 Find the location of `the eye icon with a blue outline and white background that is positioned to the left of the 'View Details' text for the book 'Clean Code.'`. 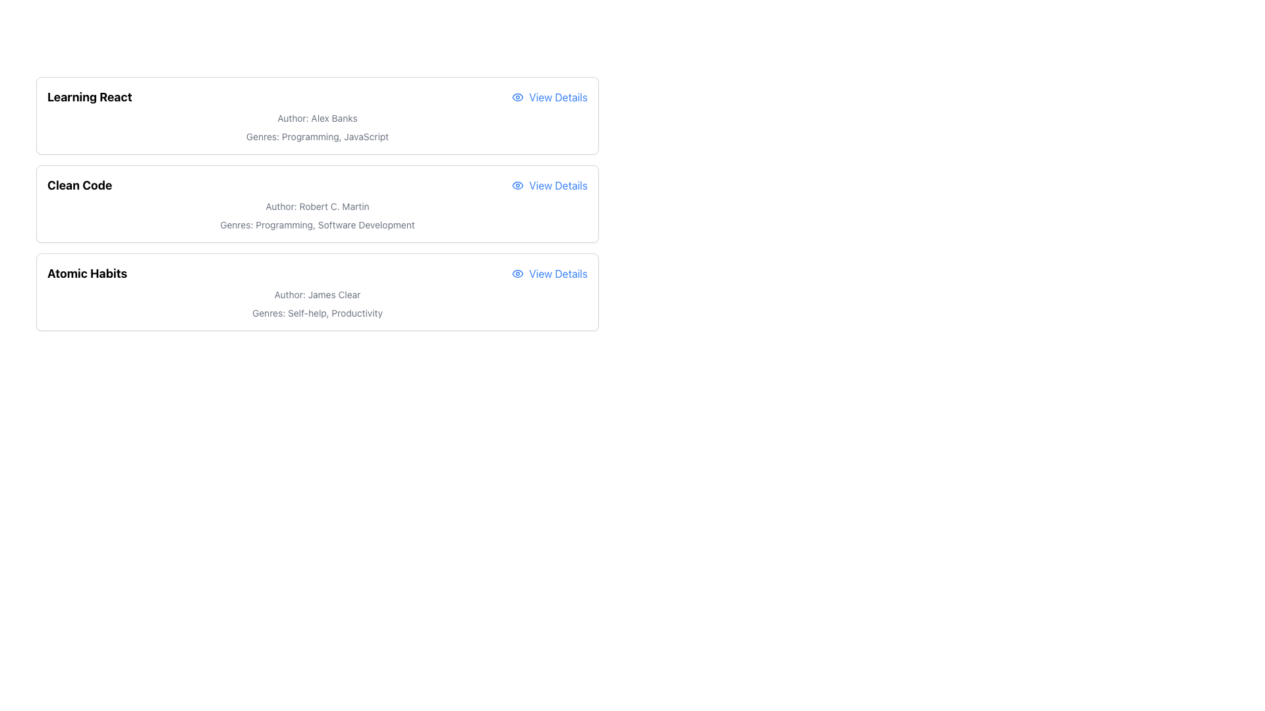

the eye icon with a blue outline and white background that is positioned to the left of the 'View Details' text for the book 'Clean Code.' is located at coordinates (517, 185).